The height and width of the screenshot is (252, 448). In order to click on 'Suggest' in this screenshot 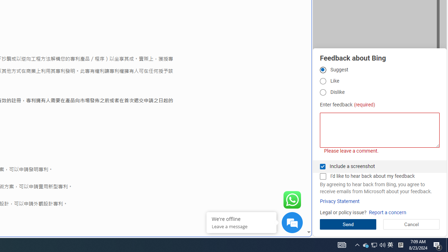, I will do `click(322, 70)`.